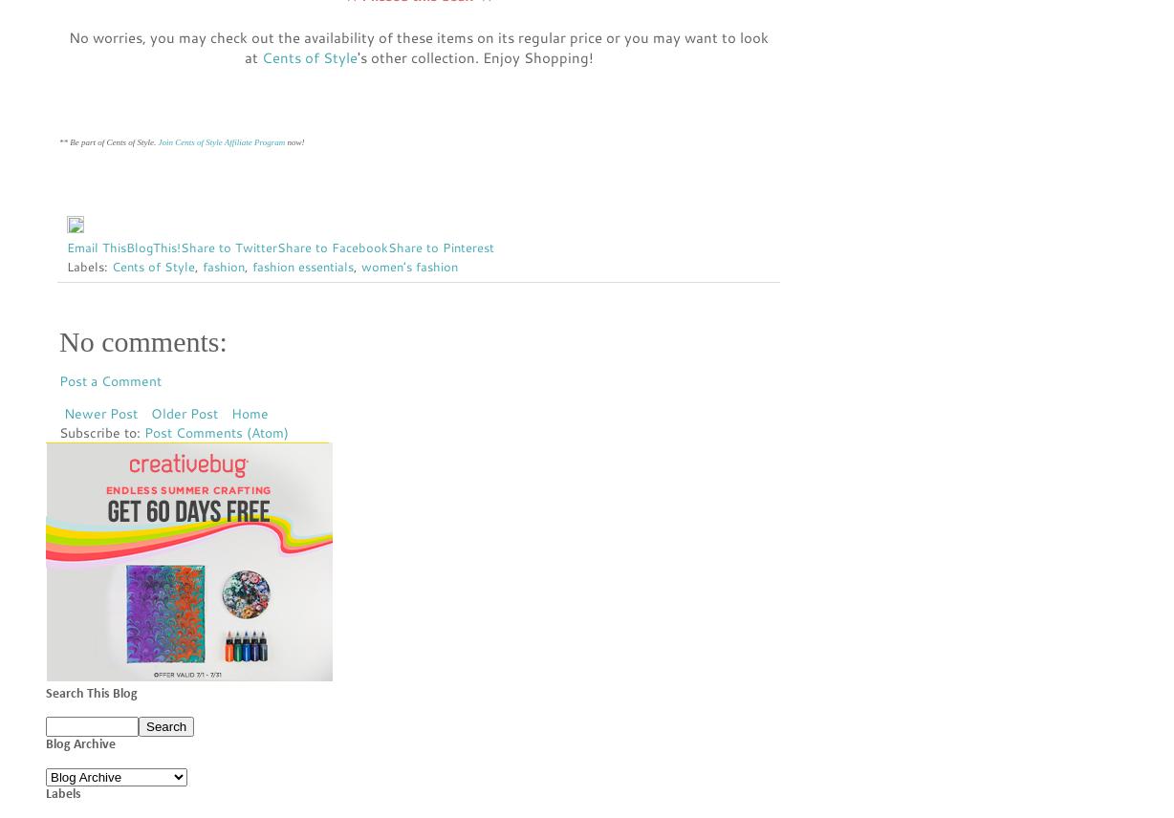  Describe the element at coordinates (184, 413) in the screenshot. I see `'Older Post'` at that location.